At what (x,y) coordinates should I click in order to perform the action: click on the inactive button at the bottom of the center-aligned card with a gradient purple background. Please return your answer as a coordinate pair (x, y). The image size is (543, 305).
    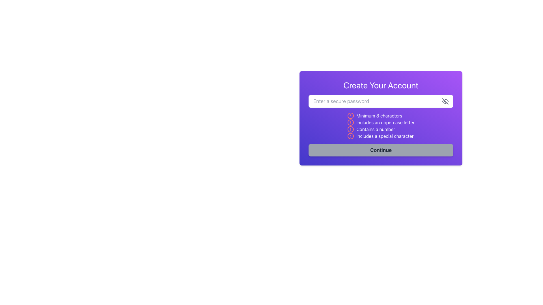
    Looking at the image, I should click on (381, 150).